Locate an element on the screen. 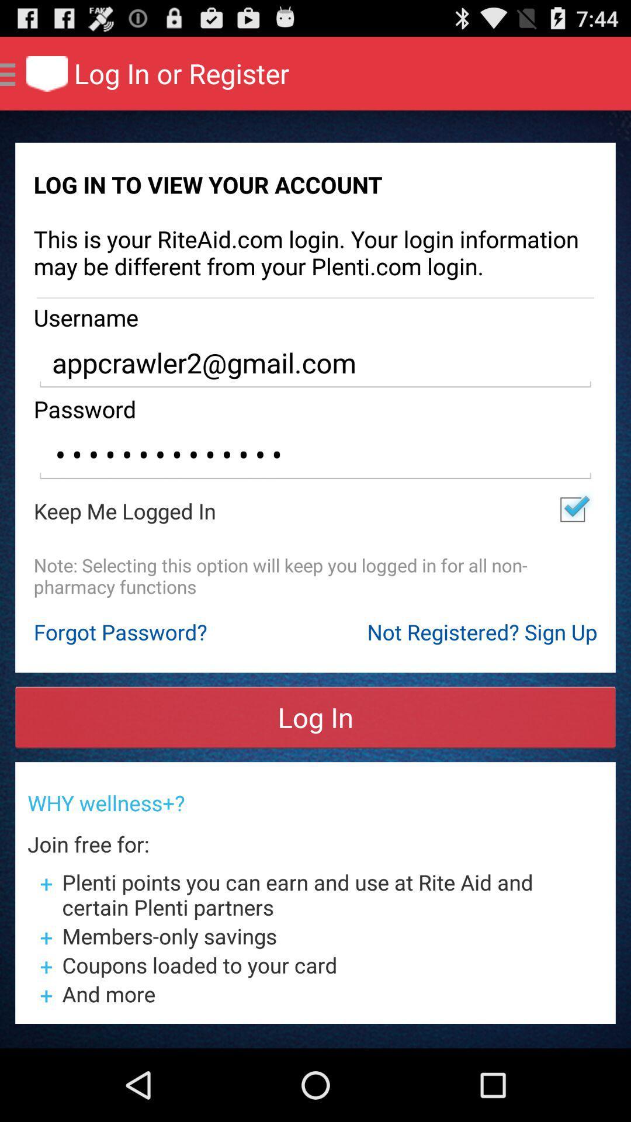 The height and width of the screenshot is (1122, 631). the item above the note selecting this item is located at coordinates (572, 510).